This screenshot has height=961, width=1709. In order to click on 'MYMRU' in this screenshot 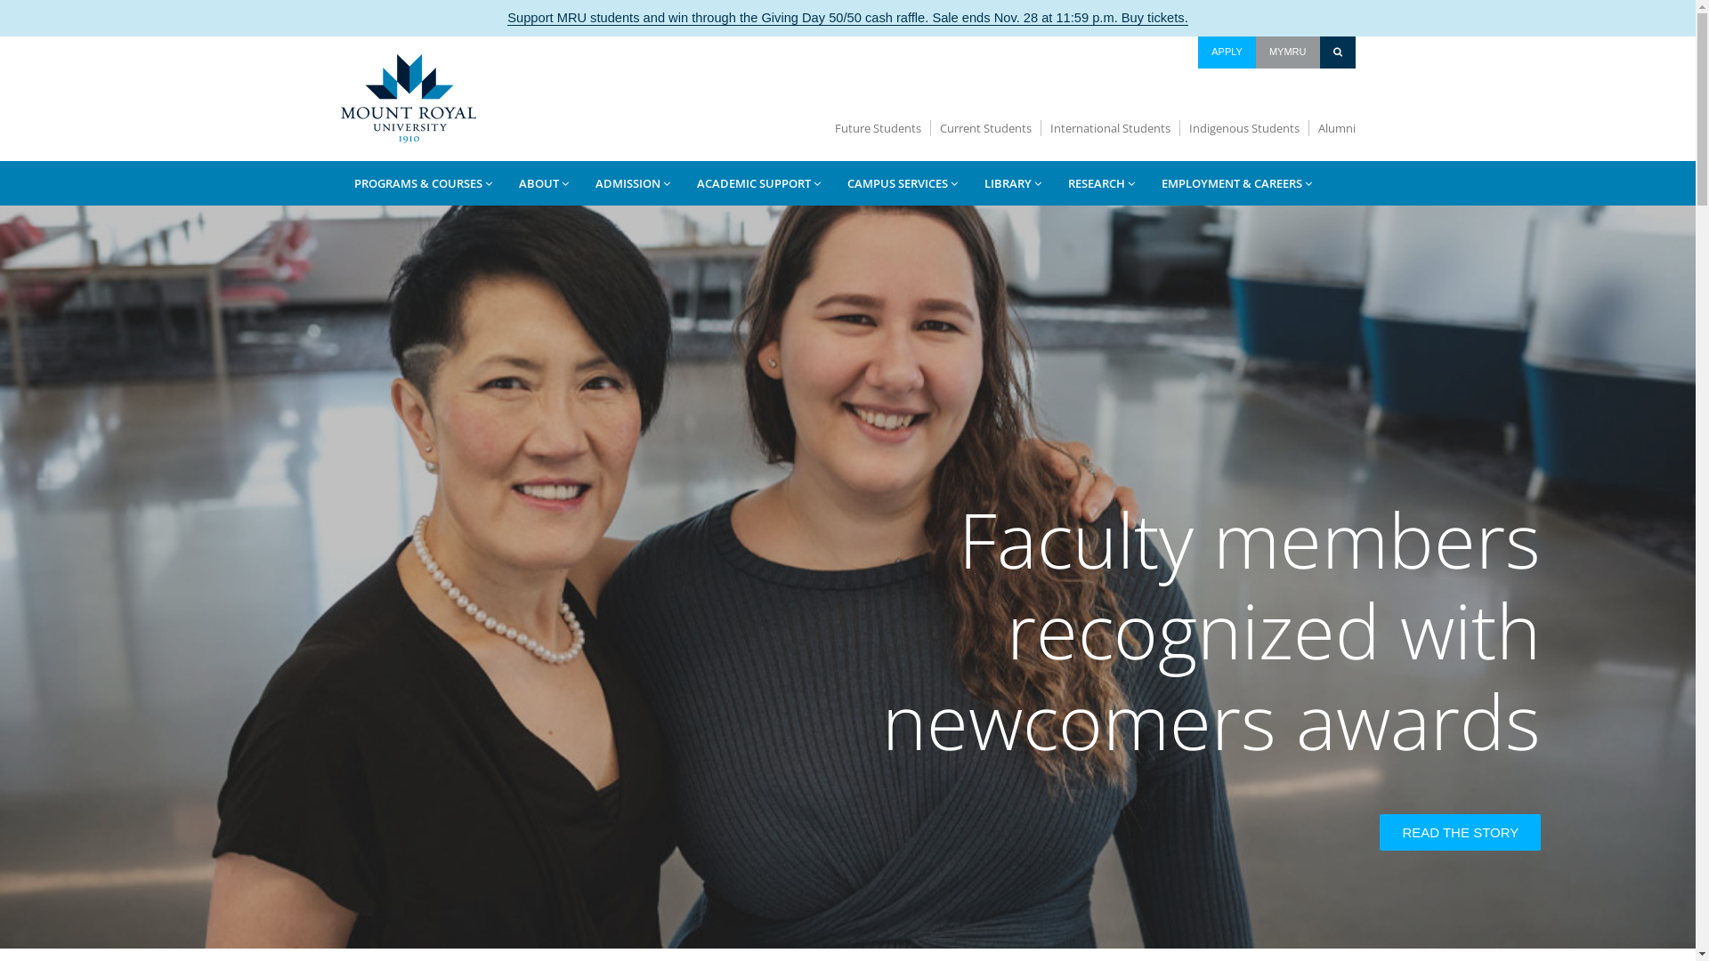, I will do `click(1287, 51)`.